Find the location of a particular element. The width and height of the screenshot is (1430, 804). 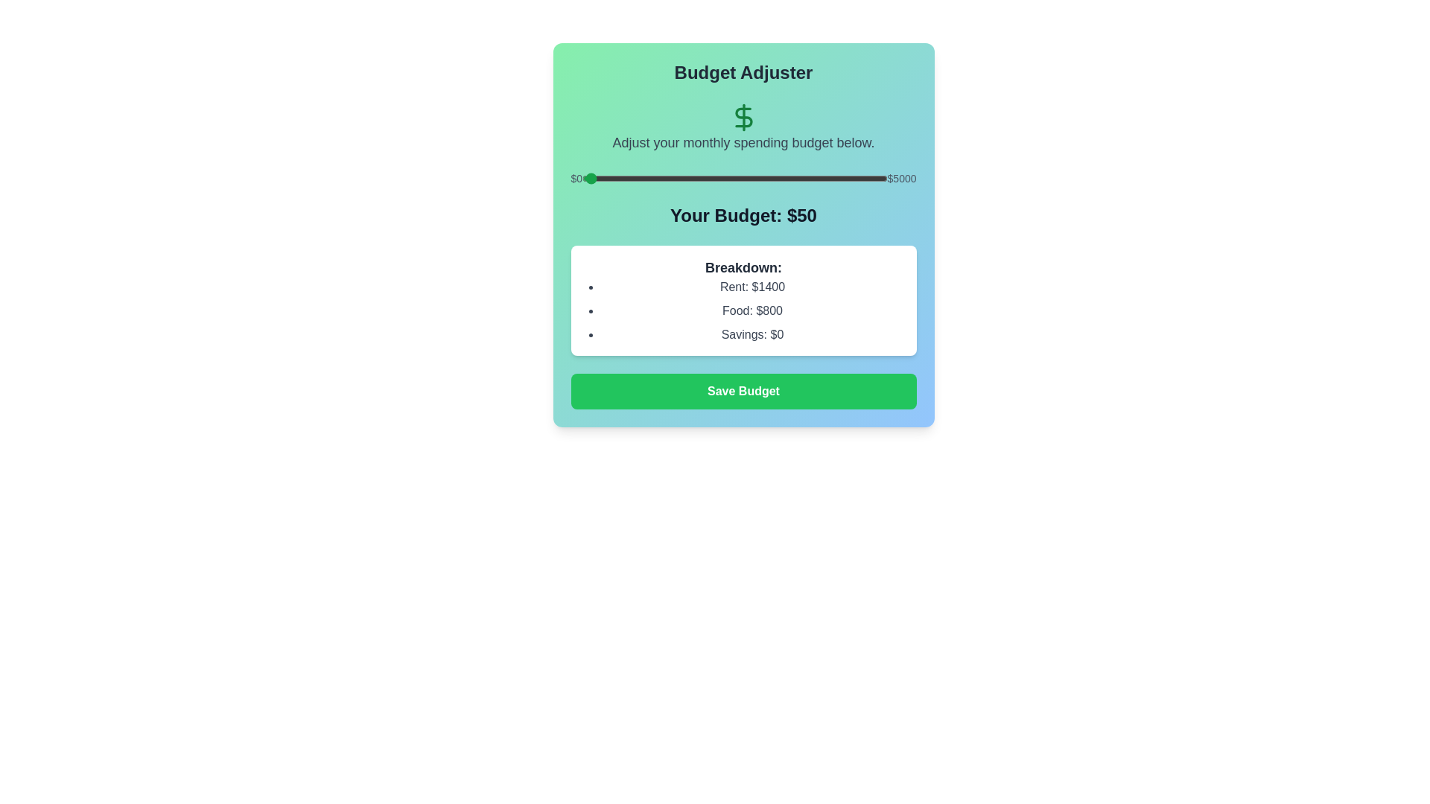

the budget to 1078 dollars by adjusting the slider is located at coordinates (648, 177).